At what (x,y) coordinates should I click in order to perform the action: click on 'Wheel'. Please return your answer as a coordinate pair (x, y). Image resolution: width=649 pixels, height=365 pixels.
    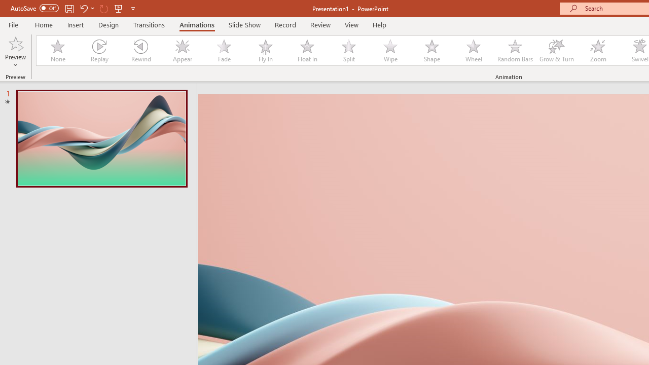
    Looking at the image, I should click on (473, 51).